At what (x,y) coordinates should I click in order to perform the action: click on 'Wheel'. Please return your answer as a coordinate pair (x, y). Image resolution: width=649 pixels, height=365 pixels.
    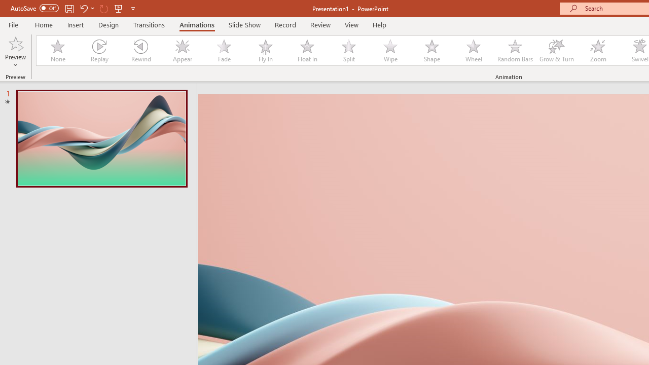
    Looking at the image, I should click on (473, 51).